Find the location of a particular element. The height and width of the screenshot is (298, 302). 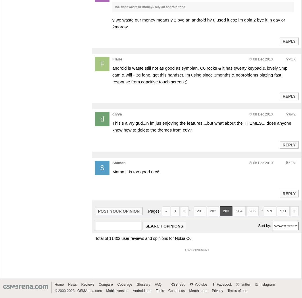

'KFM' is located at coordinates (288, 162).